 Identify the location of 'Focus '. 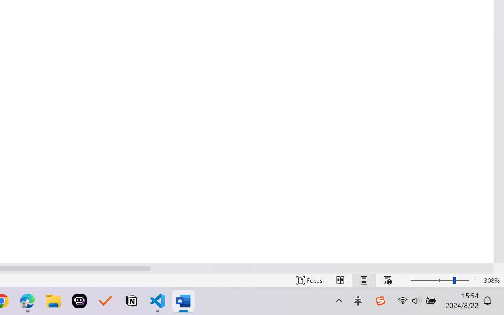
(309, 280).